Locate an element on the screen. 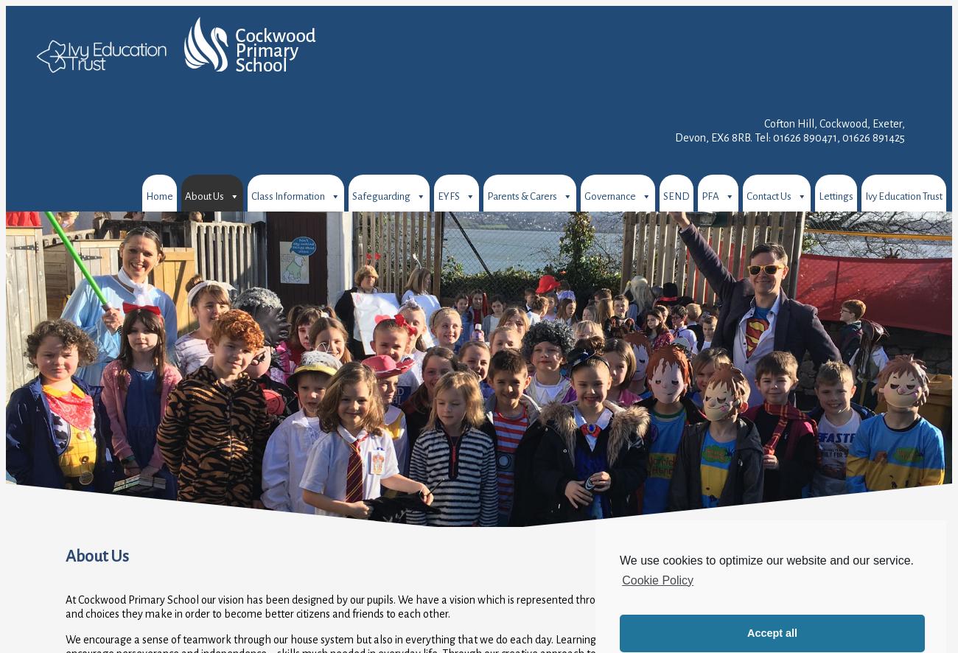  'Parents & Carers' is located at coordinates (522, 196).